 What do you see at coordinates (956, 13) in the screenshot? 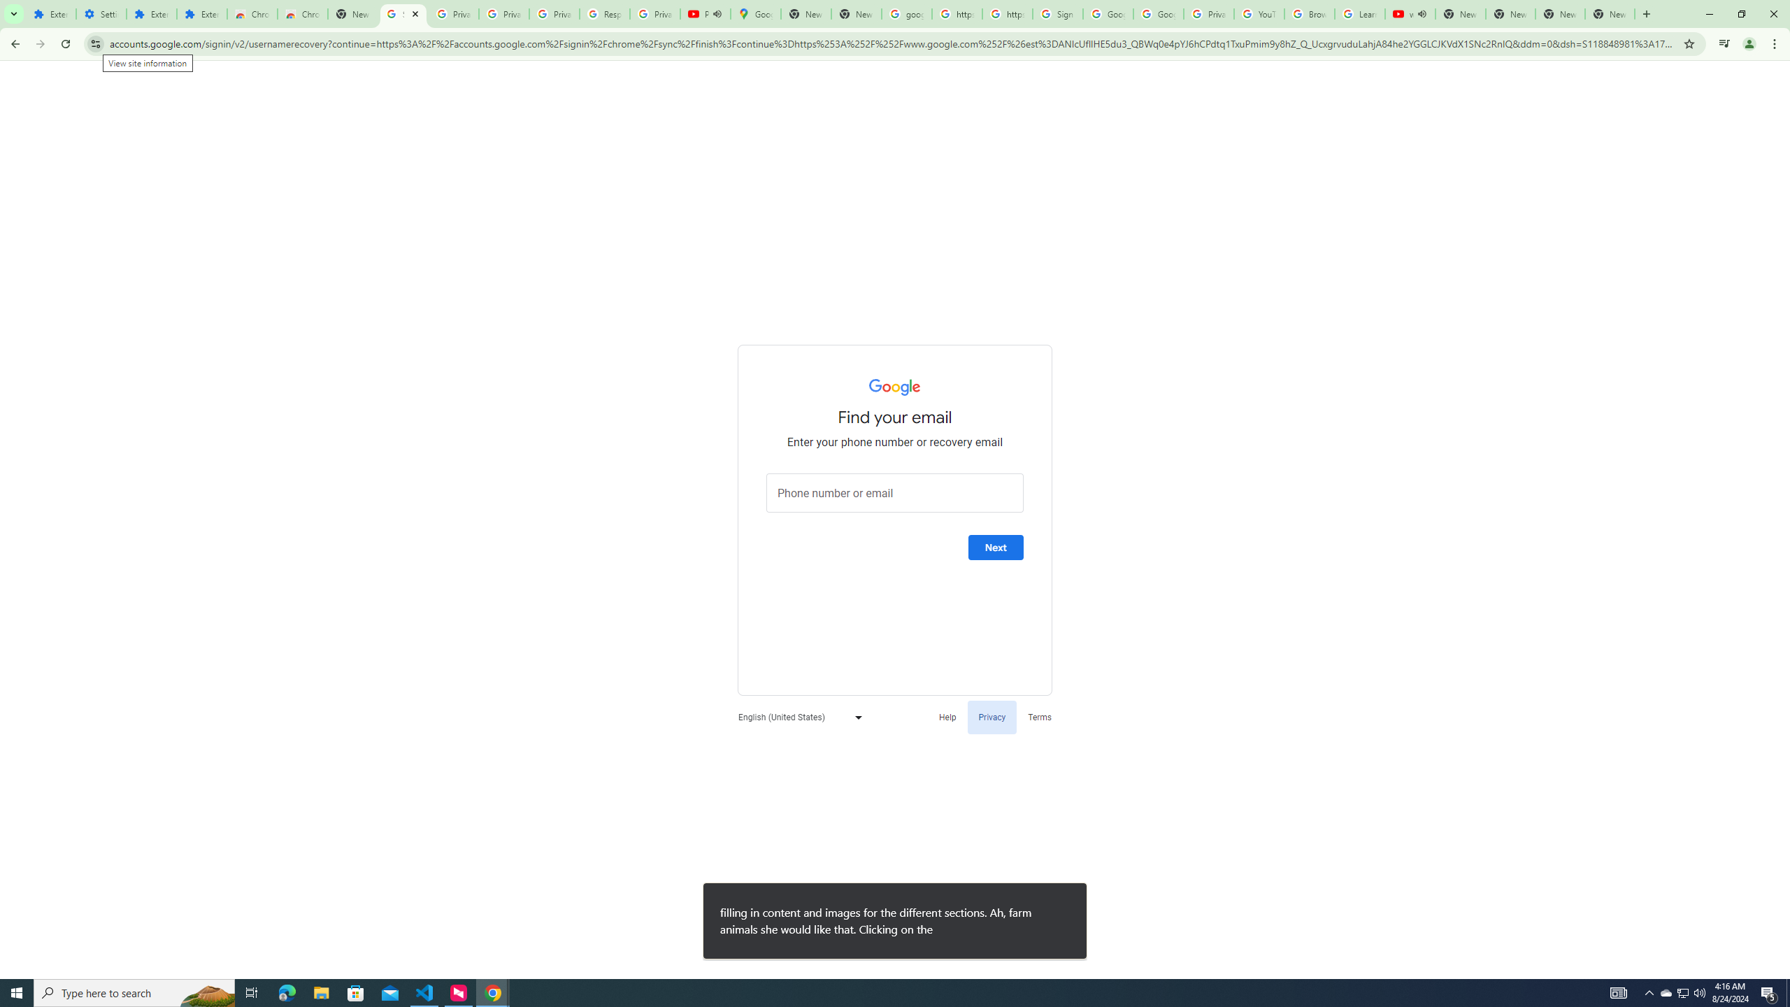
I see `'https://scholar.google.com/'` at bounding box center [956, 13].